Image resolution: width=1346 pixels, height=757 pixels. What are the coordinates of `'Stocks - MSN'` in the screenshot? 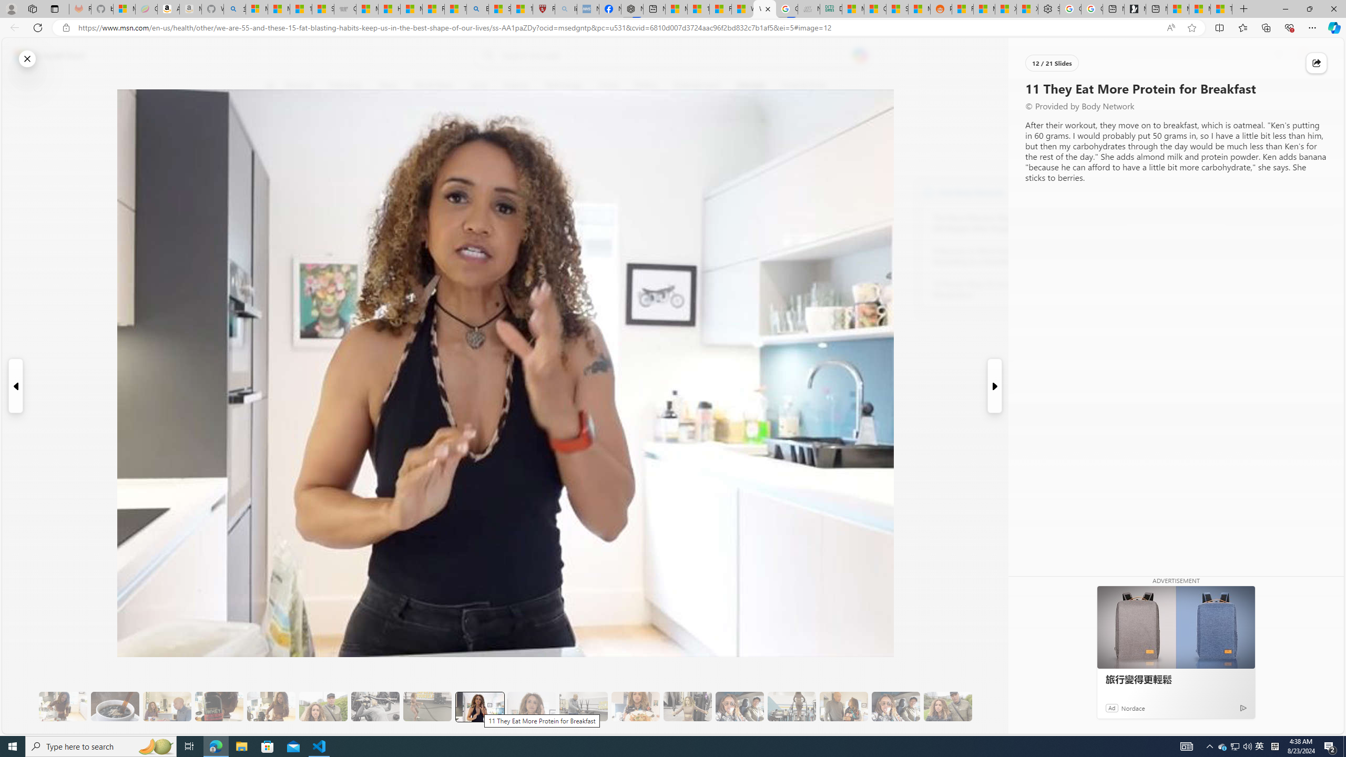 It's located at (896, 8).